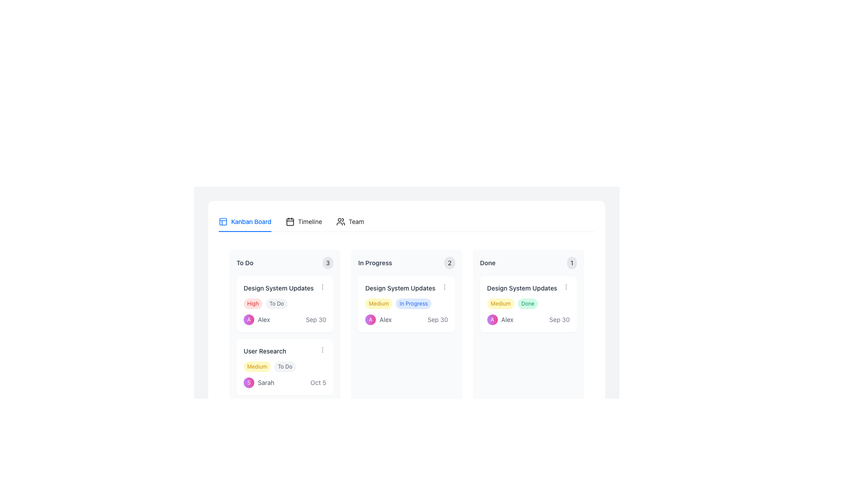  What do you see at coordinates (406, 304) in the screenshot?
I see `the task card titled 'Design System Updates' in the 'In Progress' section` at bounding box center [406, 304].